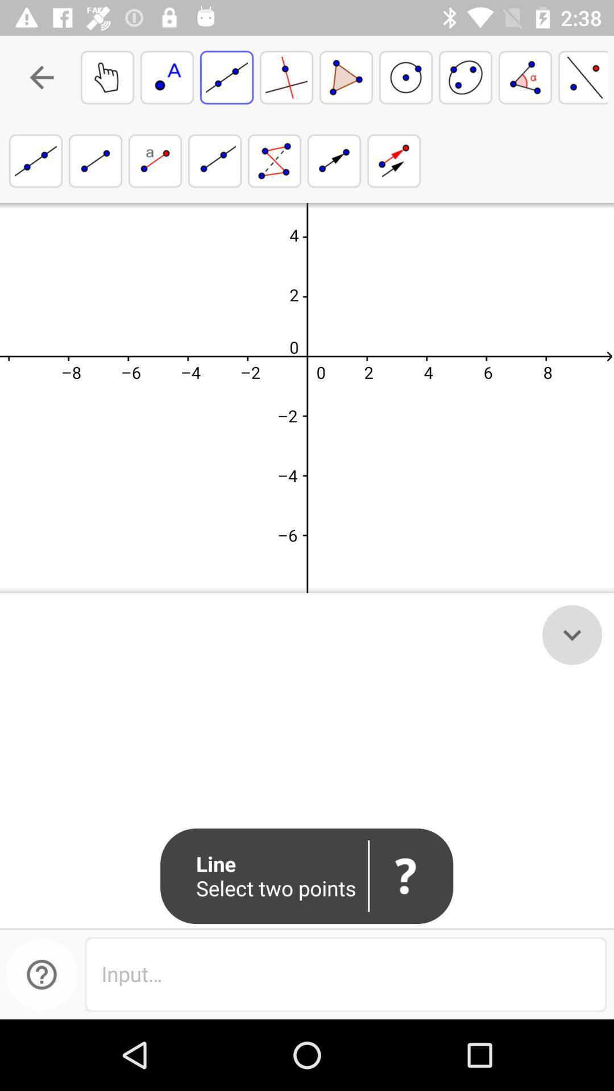 The height and width of the screenshot is (1091, 614). What do you see at coordinates (41, 974) in the screenshot?
I see `the help icon` at bounding box center [41, 974].